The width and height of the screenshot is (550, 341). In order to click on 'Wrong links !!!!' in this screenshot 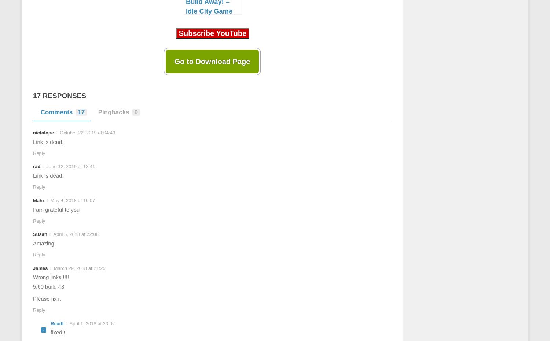, I will do `click(51, 277)`.